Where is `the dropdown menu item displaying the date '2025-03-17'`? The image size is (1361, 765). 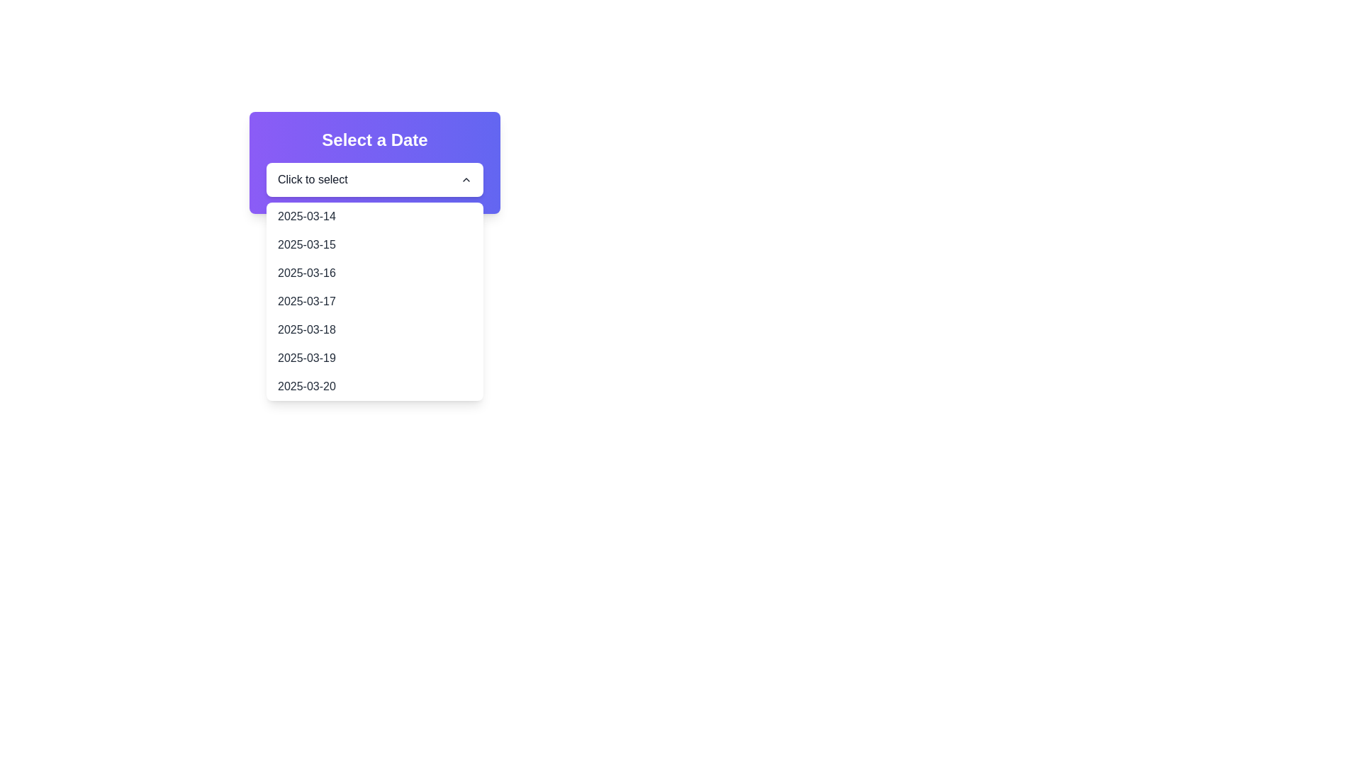 the dropdown menu item displaying the date '2025-03-17' is located at coordinates (374, 300).